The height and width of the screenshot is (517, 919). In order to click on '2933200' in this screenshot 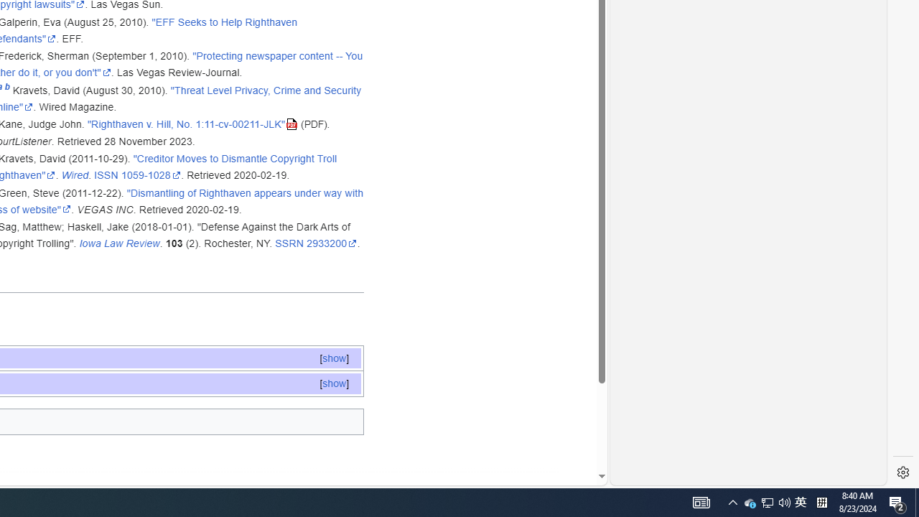, I will do `click(331, 243)`.